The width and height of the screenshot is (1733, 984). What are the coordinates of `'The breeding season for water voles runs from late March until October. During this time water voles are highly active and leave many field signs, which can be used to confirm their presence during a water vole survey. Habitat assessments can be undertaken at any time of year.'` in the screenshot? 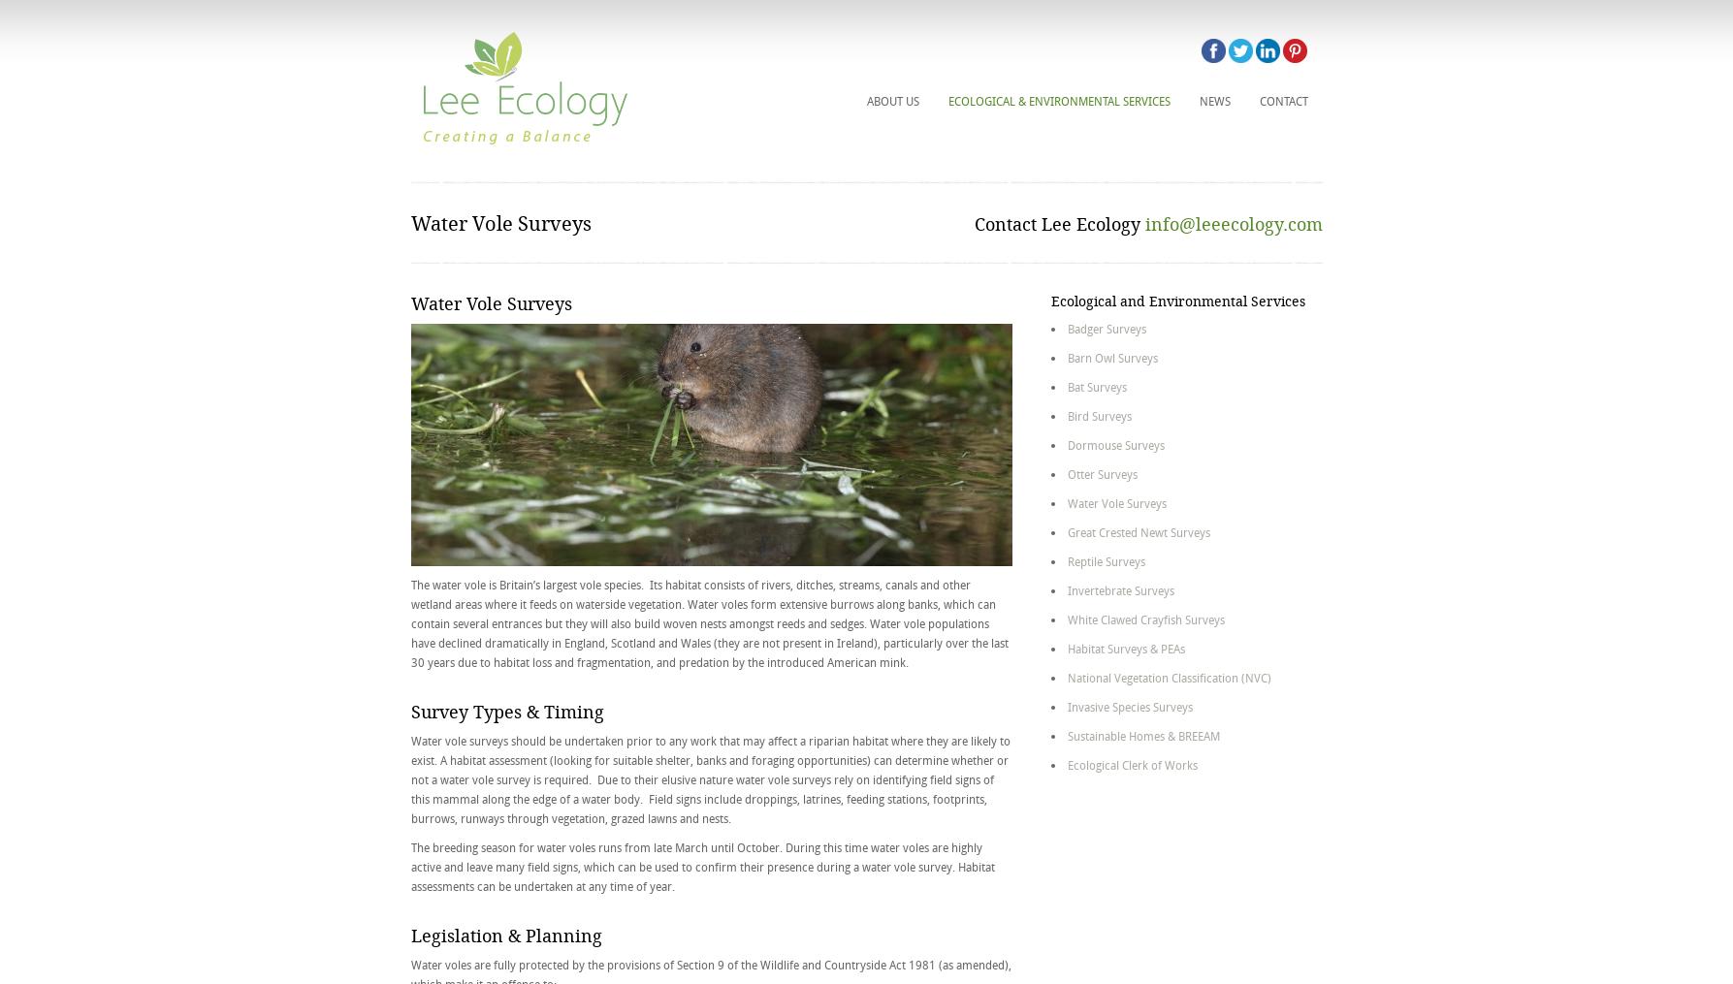 It's located at (701, 866).